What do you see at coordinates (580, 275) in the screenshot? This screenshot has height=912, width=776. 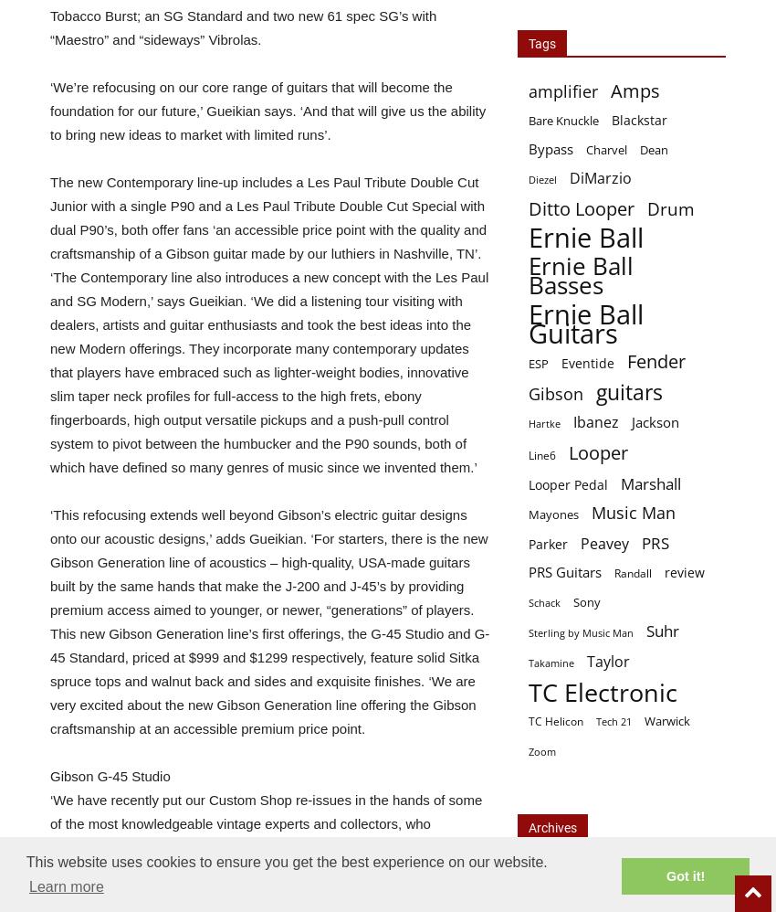 I see `'Ernie Ball Basses'` at bounding box center [580, 275].